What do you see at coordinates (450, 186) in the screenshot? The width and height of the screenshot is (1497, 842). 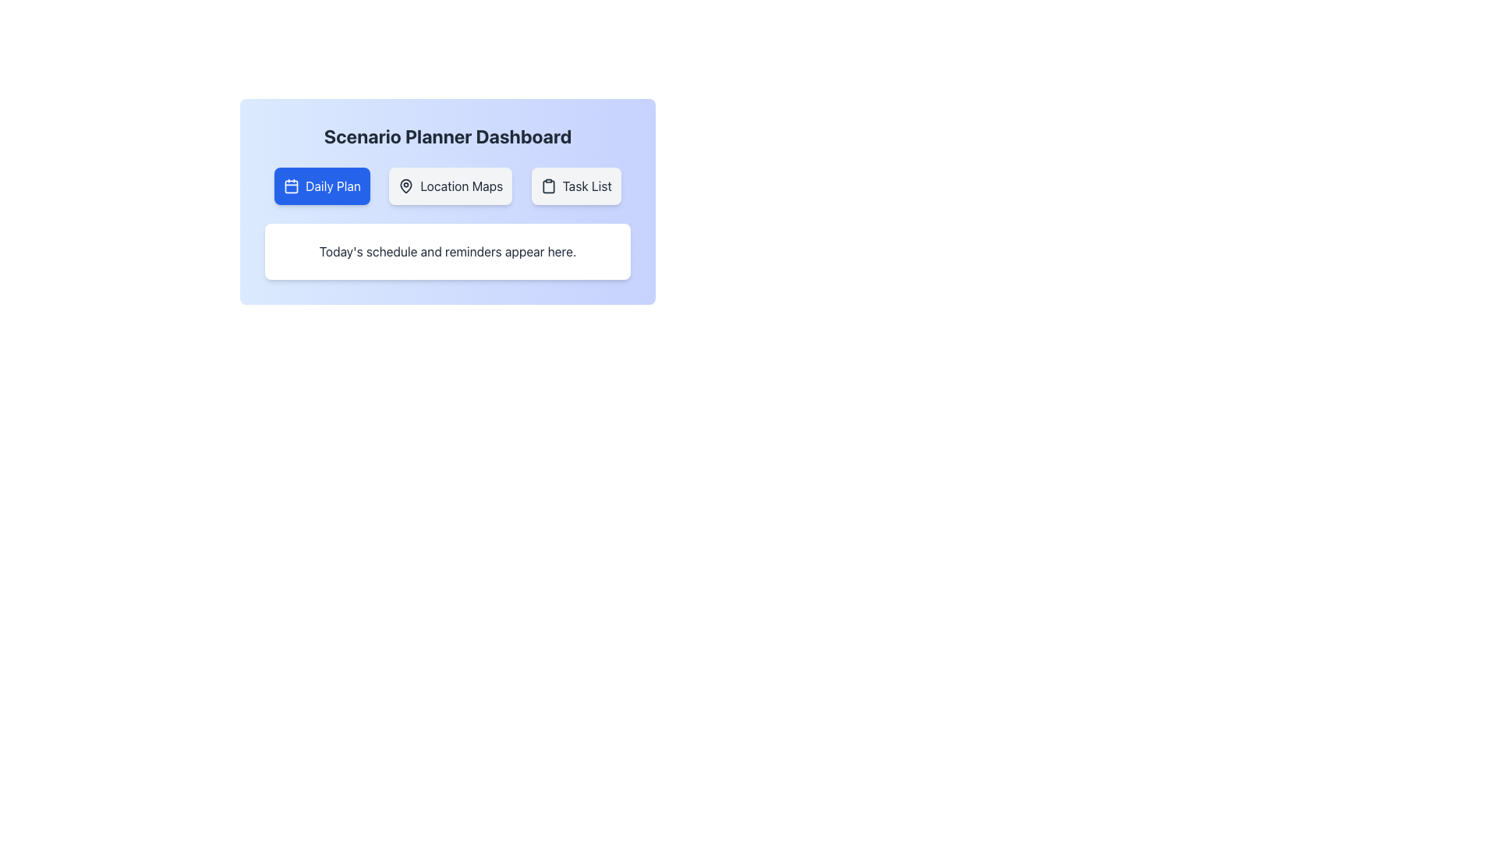 I see `the second button from the left in the button group` at bounding box center [450, 186].